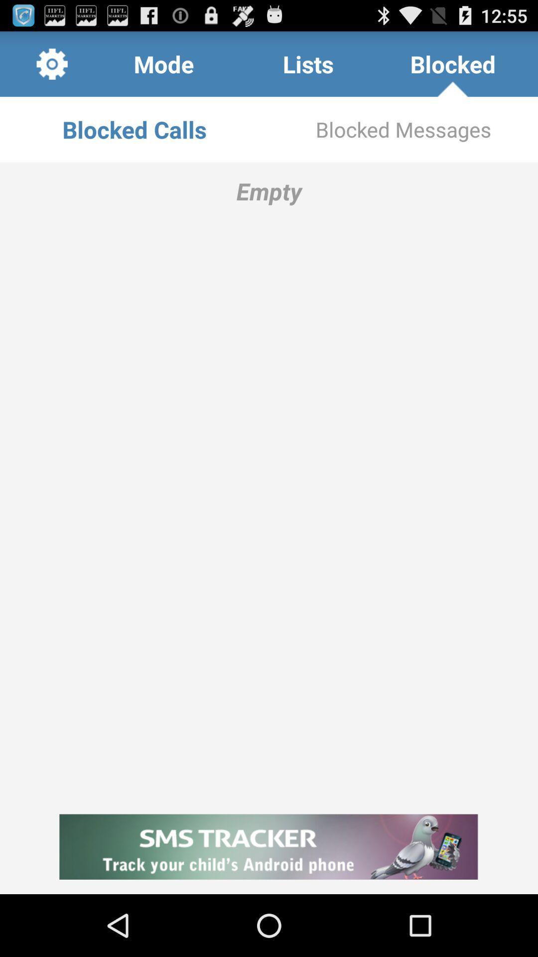 The height and width of the screenshot is (957, 538). Describe the element at coordinates (269, 481) in the screenshot. I see `the item below the blocked calls item` at that location.